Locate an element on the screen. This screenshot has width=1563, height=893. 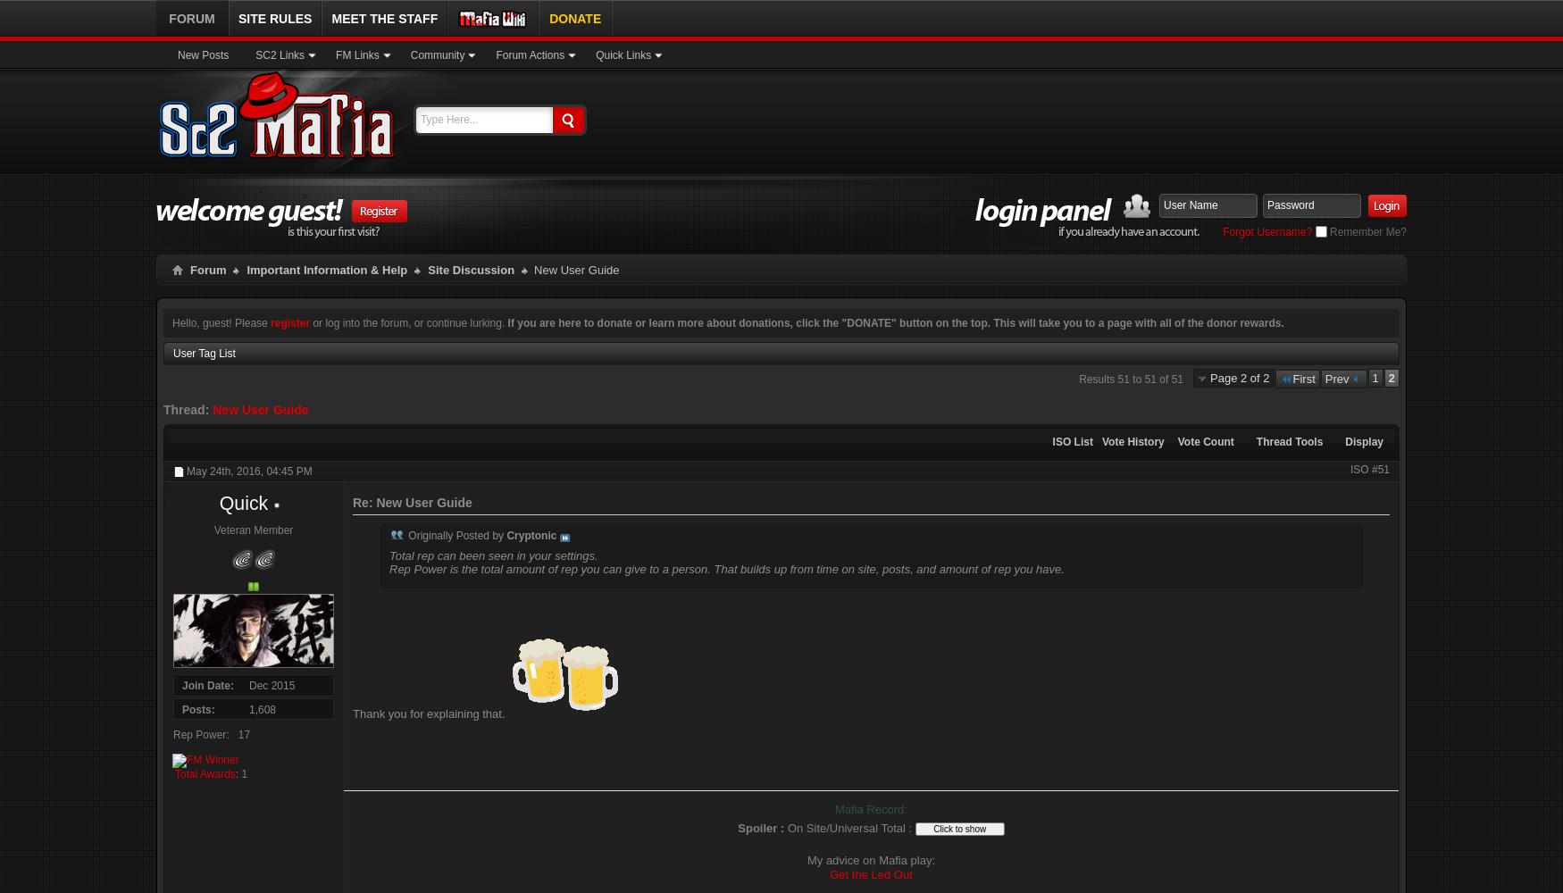
'Results 51 to 51 of 51' is located at coordinates (1130, 380).